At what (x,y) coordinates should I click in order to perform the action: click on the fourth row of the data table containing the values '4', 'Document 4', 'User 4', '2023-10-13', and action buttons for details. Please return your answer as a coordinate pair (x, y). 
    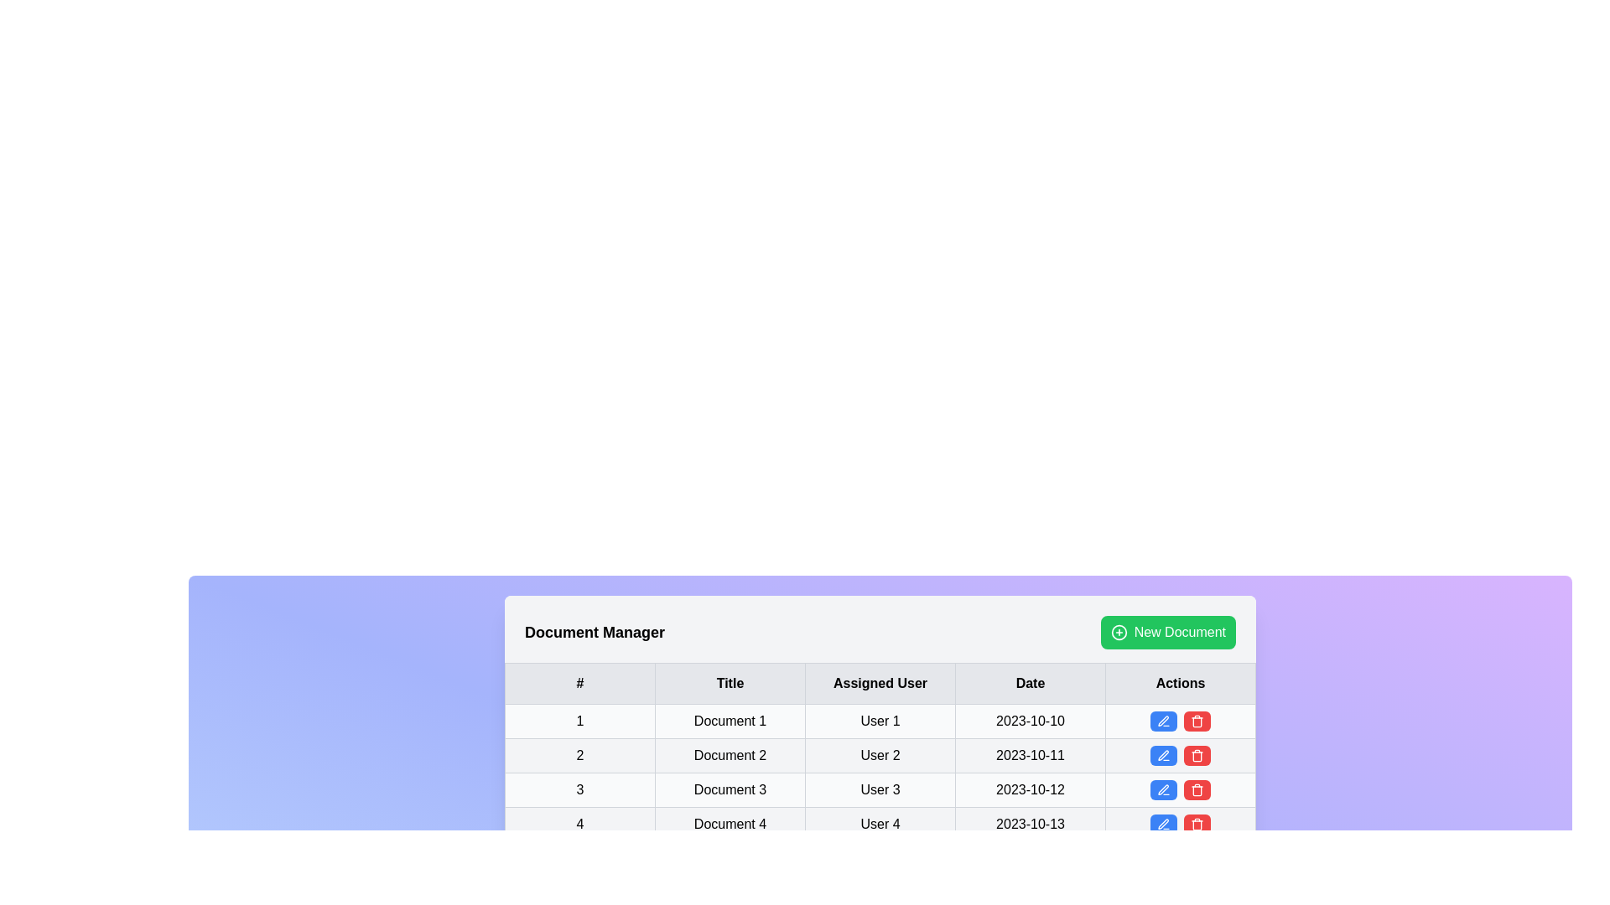
    Looking at the image, I should click on (880, 823).